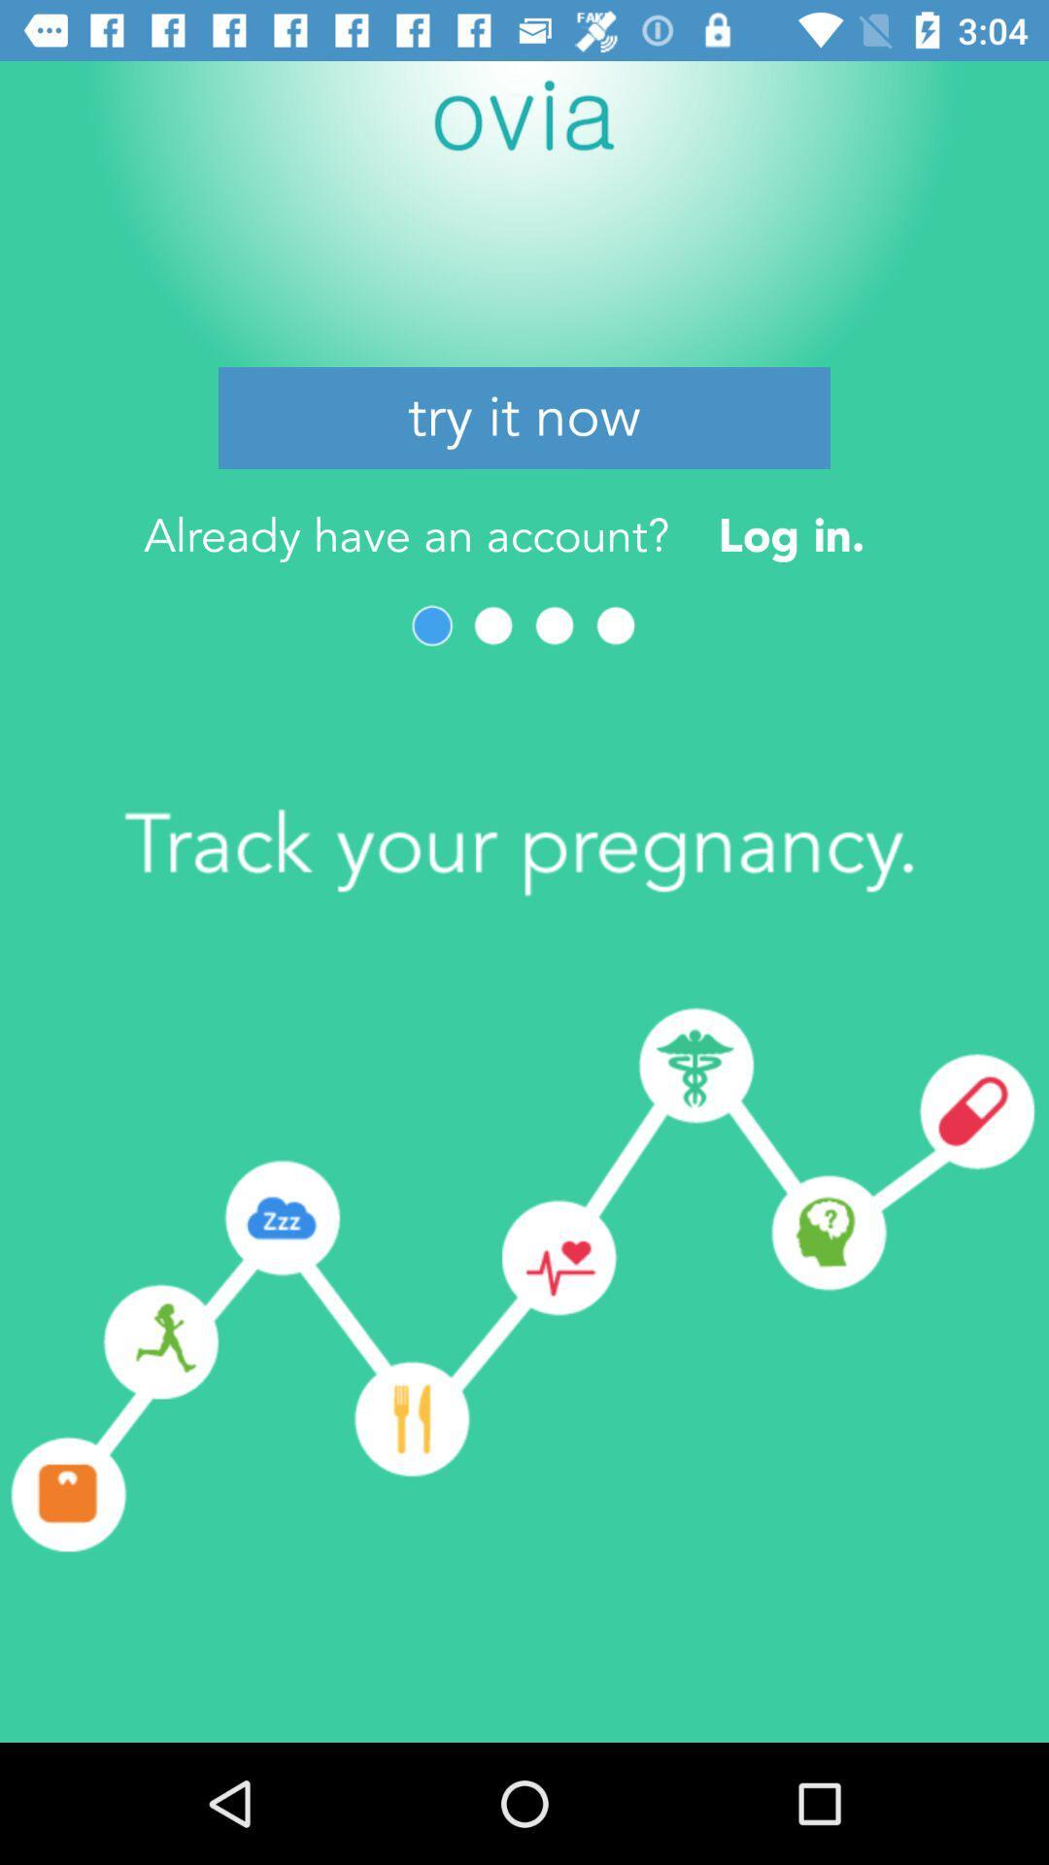 Image resolution: width=1049 pixels, height=1865 pixels. What do you see at coordinates (616, 626) in the screenshot?
I see `next` at bounding box center [616, 626].